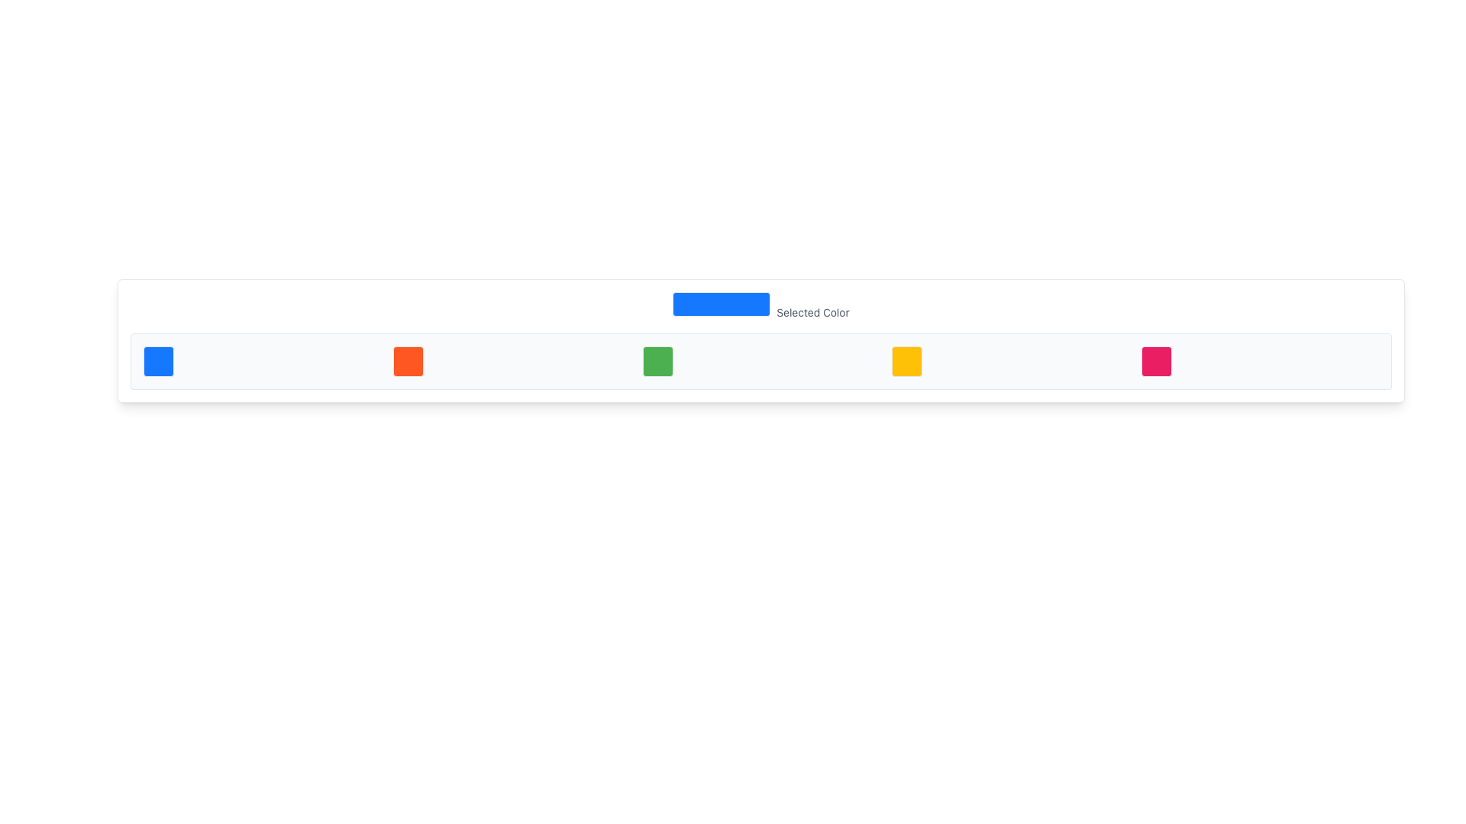 The width and height of the screenshot is (1466, 824). What do you see at coordinates (812, 311) in the screenshot?
I see `text label displaying 'Selected Color' which is styled in small gray font and positioned to the right of a blue rectangular color swatch` at bounding box center [812, 311].